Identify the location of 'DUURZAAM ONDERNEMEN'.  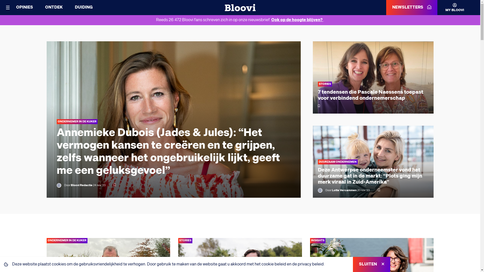
(338, 162).